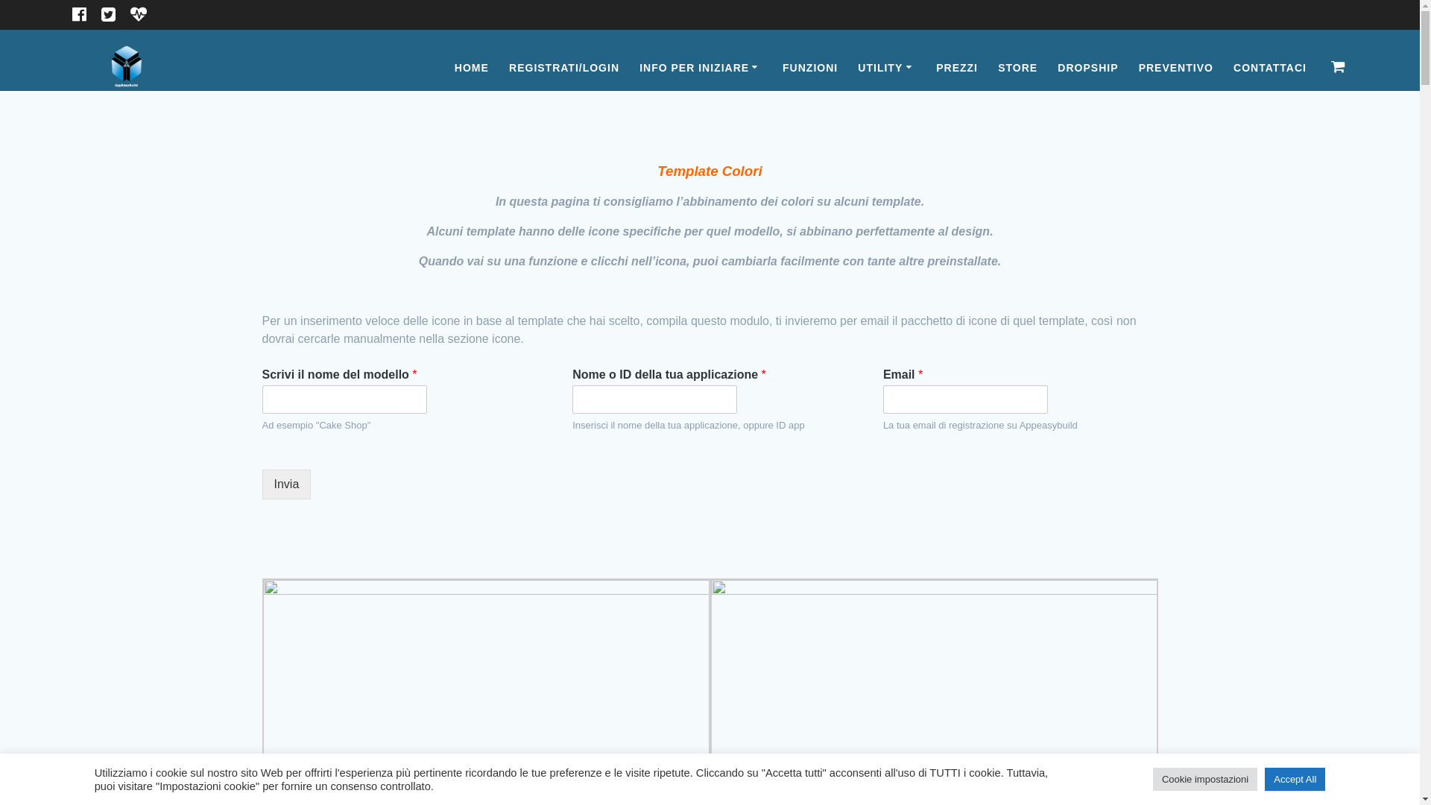 Image resolution: width=1431 pixels, height=805 pixels. Describe the element at coordinates (809, 68) in the screenshot. I see `'FUNZIONI'` at that location.